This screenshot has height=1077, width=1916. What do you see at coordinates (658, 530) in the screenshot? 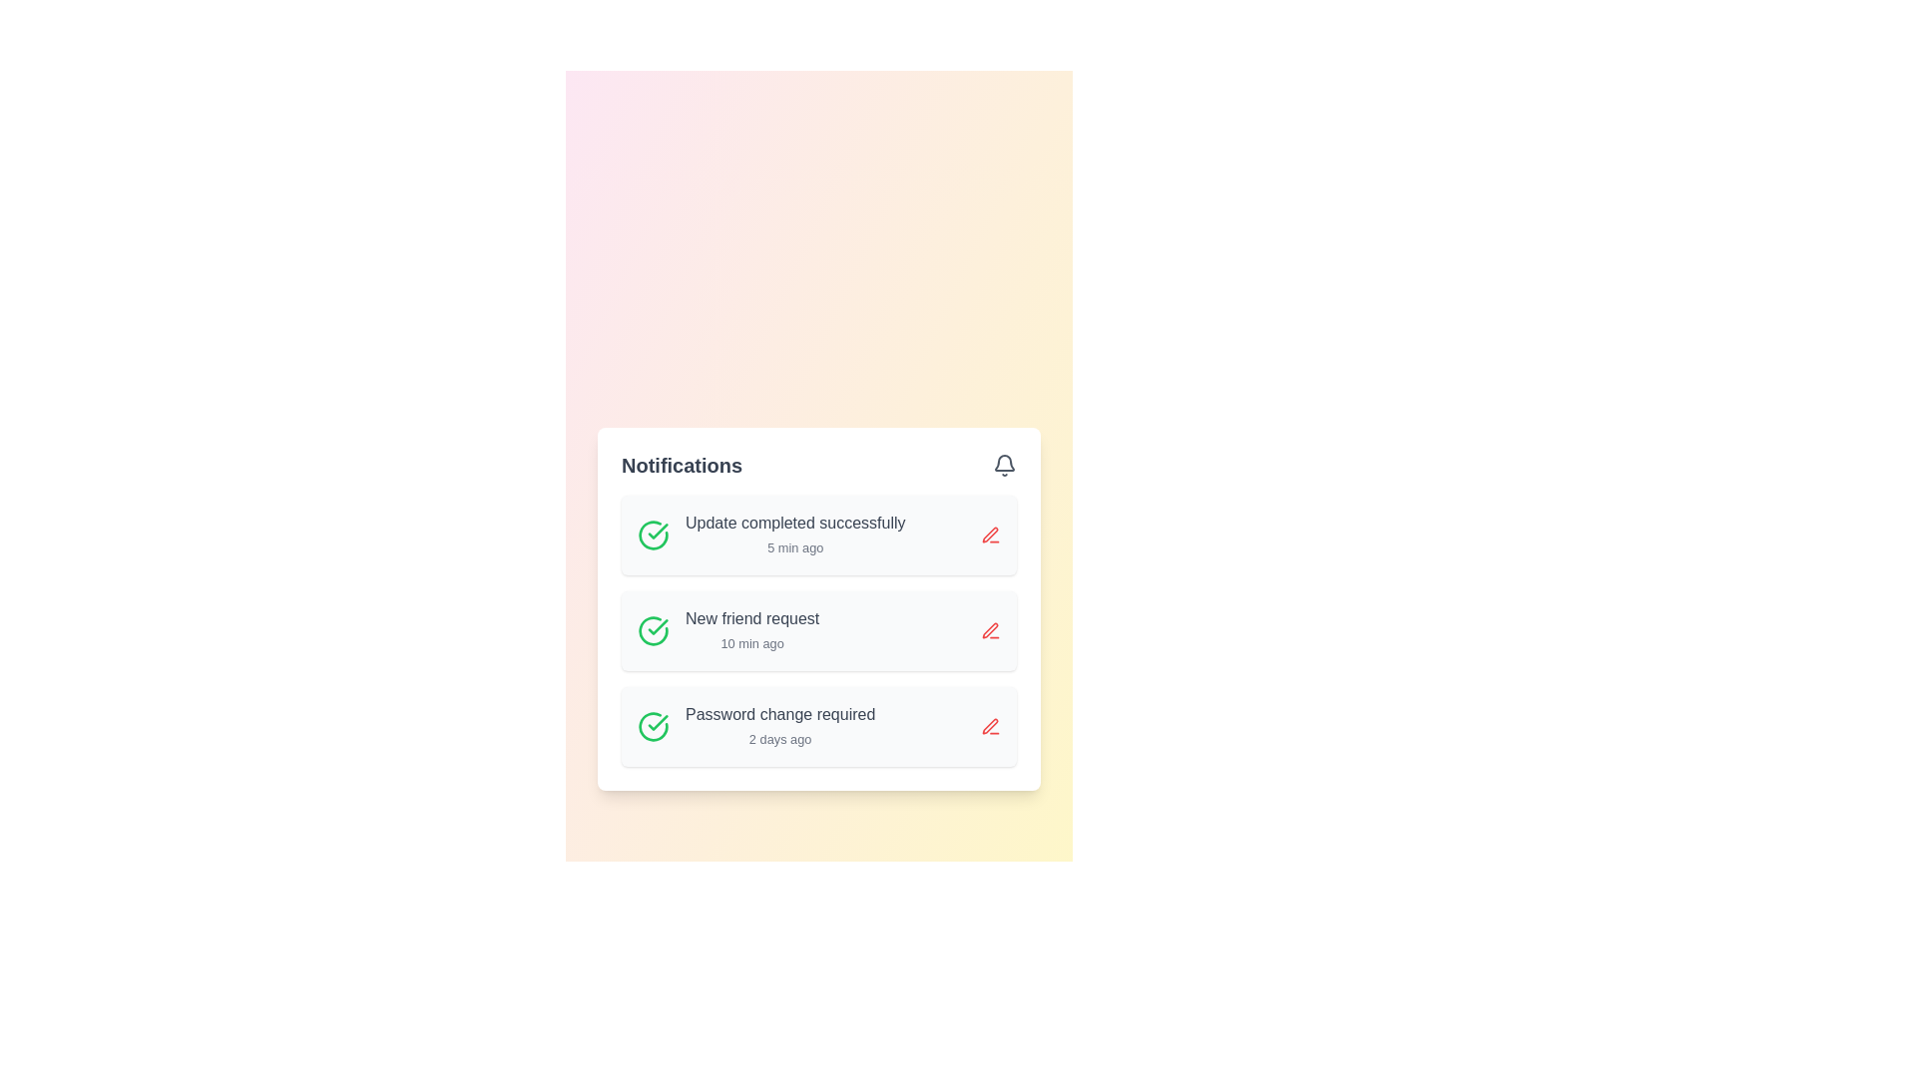
I see `the status of the green checkmark icon indicating a successful status, located in the notifications panel next to 'New friend request' and above 'Password change required'` at bounding box center [658, 530].